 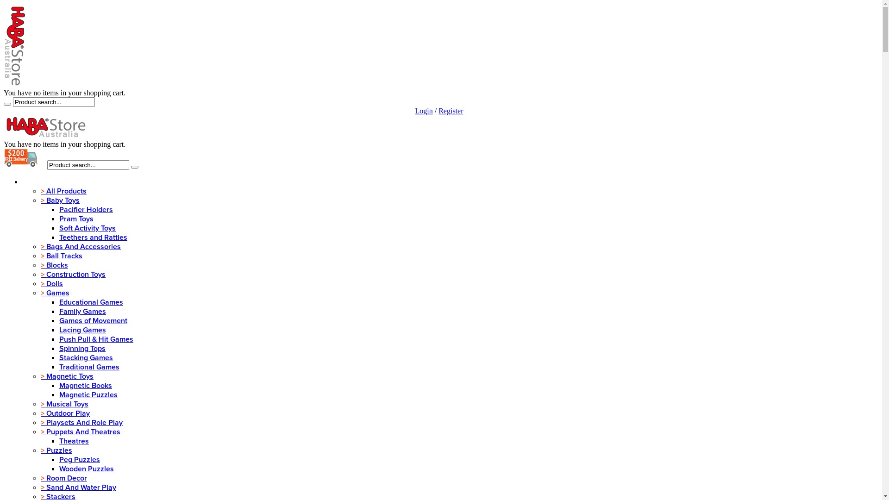 What do you see at coordinates (82, 348) in the screenshot?
I see `'Spinning Tops'` at bounding box center [82, 348].